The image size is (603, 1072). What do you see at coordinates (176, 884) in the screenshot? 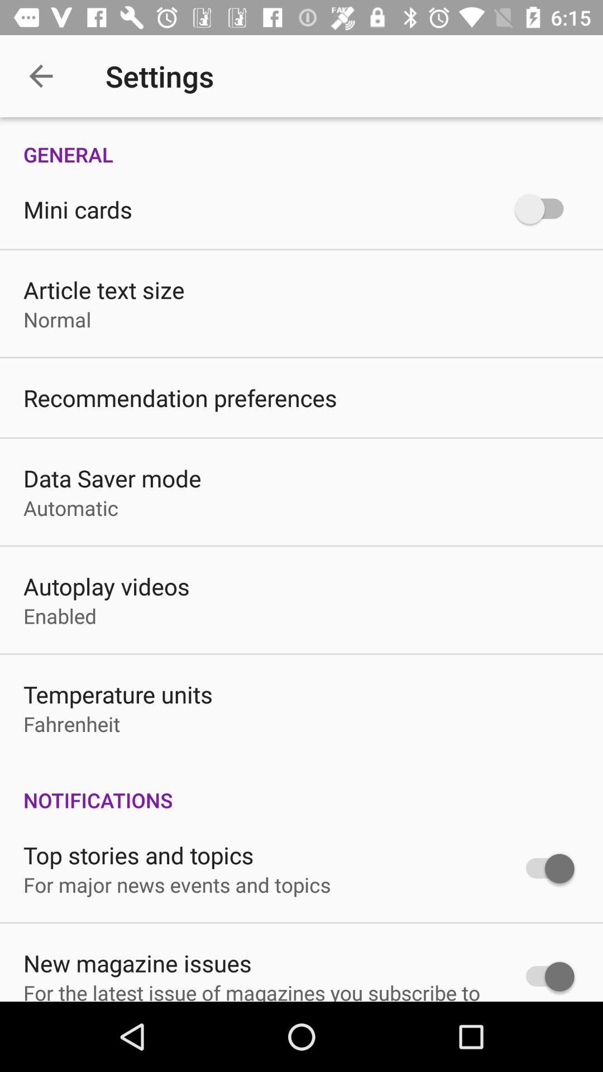
I see `the for major news` at bounding box center [176, 884].